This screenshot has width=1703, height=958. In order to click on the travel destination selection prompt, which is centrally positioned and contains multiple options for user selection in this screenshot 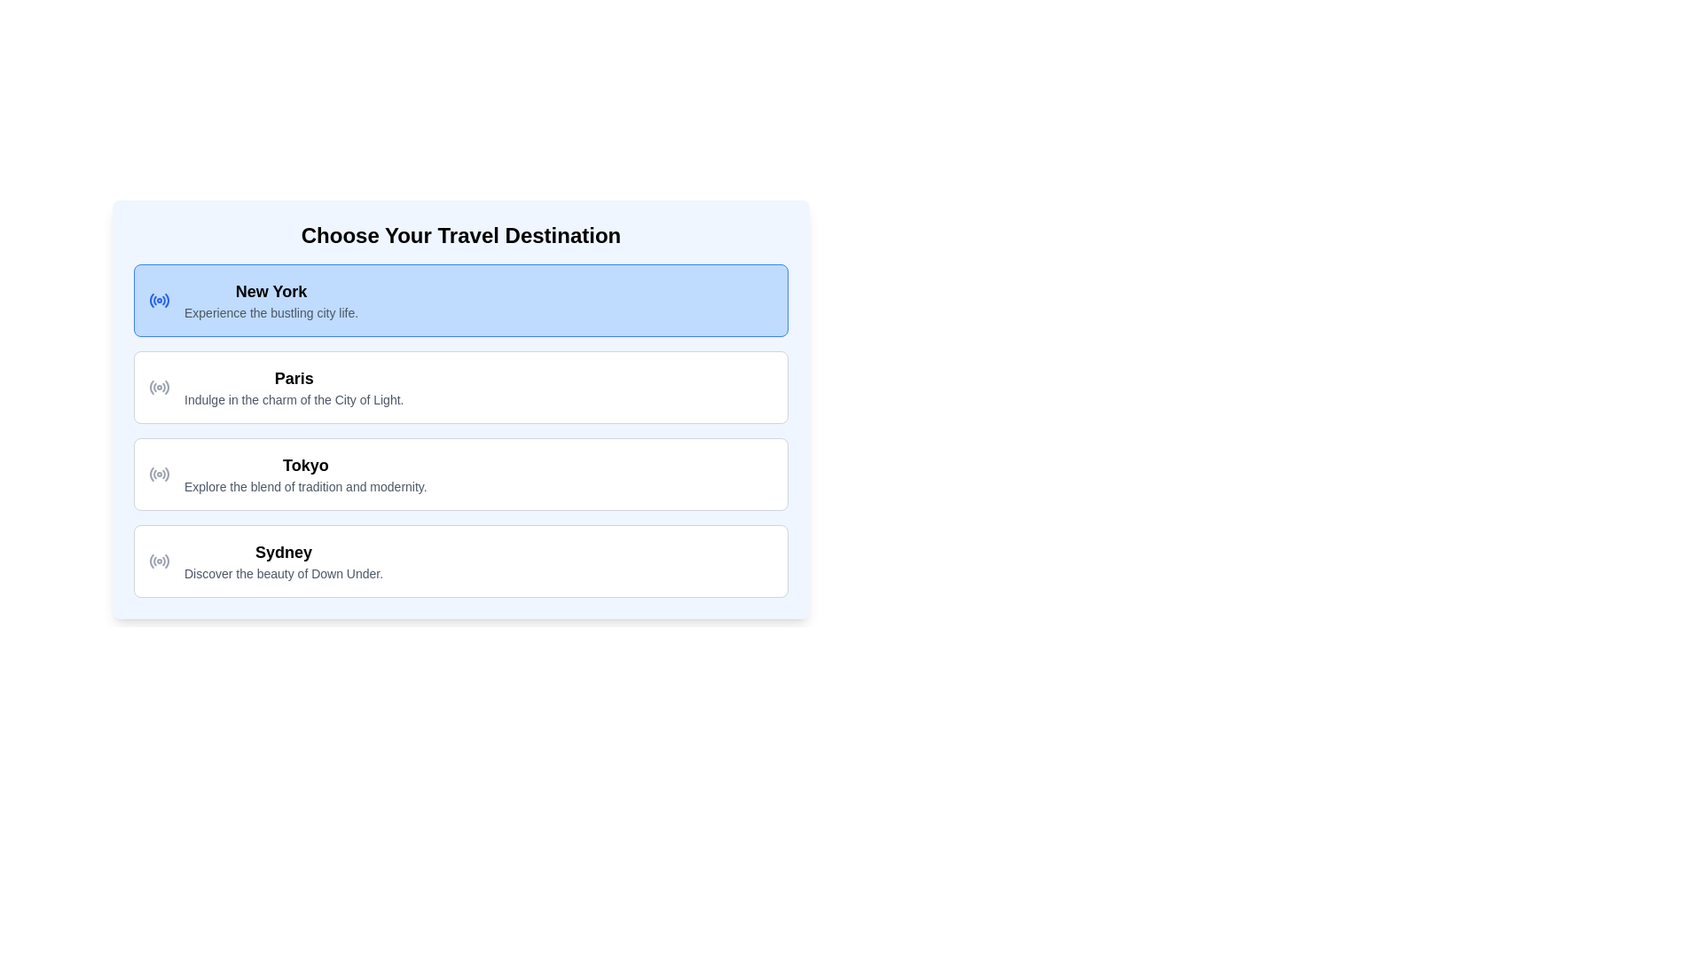, I will do `click(460, 410)`.